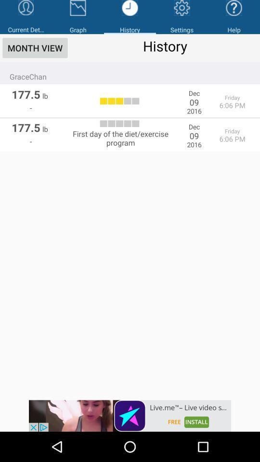 This screenshot has height=462, width=260. I want to click on open webpage of displayed advertisement, so click(130, 415).